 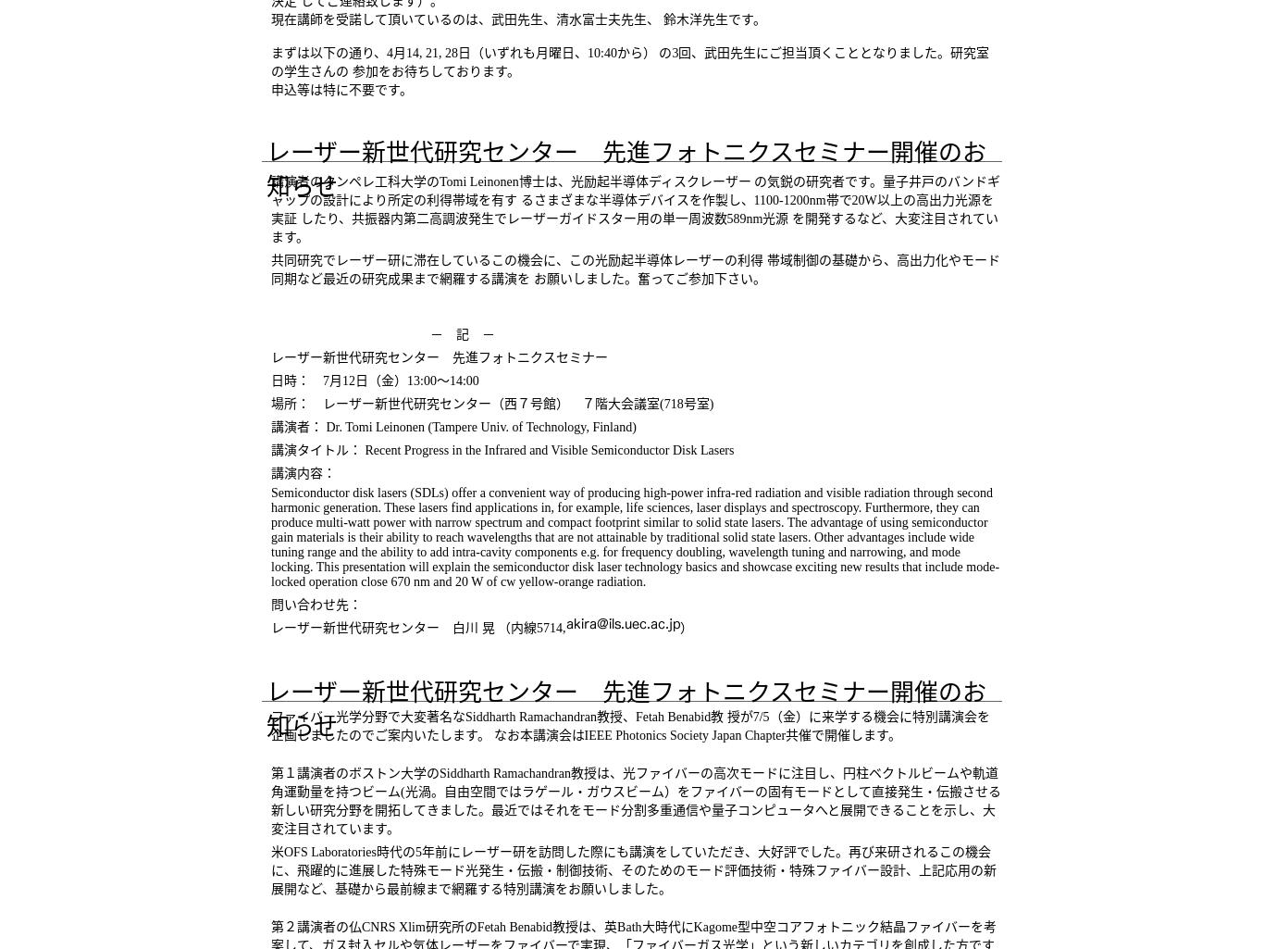 I want to click on 'Semiconductor disk lasers (SDLs) offer a convenient way of producing
high-power infra-red radiation and visible radiation through second harmonic
generation. These lasers find applications in, for example, life sciences,
laser displays and spectroscopy. Furthermore, they can produce multi-watt
power with narrow spectrum and compact footprint similar to solid state
lasers. The advantage of using semiconductor gain materials is their ability
to reach wavelengths that are not attainable by traditional solid state
lasers. Other advantages include wide tuning range and the ability to add
intra-cavity components e.g. for frequency doubling, wavelength tuning and
narrowing, and mode locking. This presentation will explain the
semiconductor disk laser technology basics and showcase exciting new results
that include mode-locked operation close 670 nm and 20 W of cw yellow-orange
radiation.', so click(x=635, y=537).